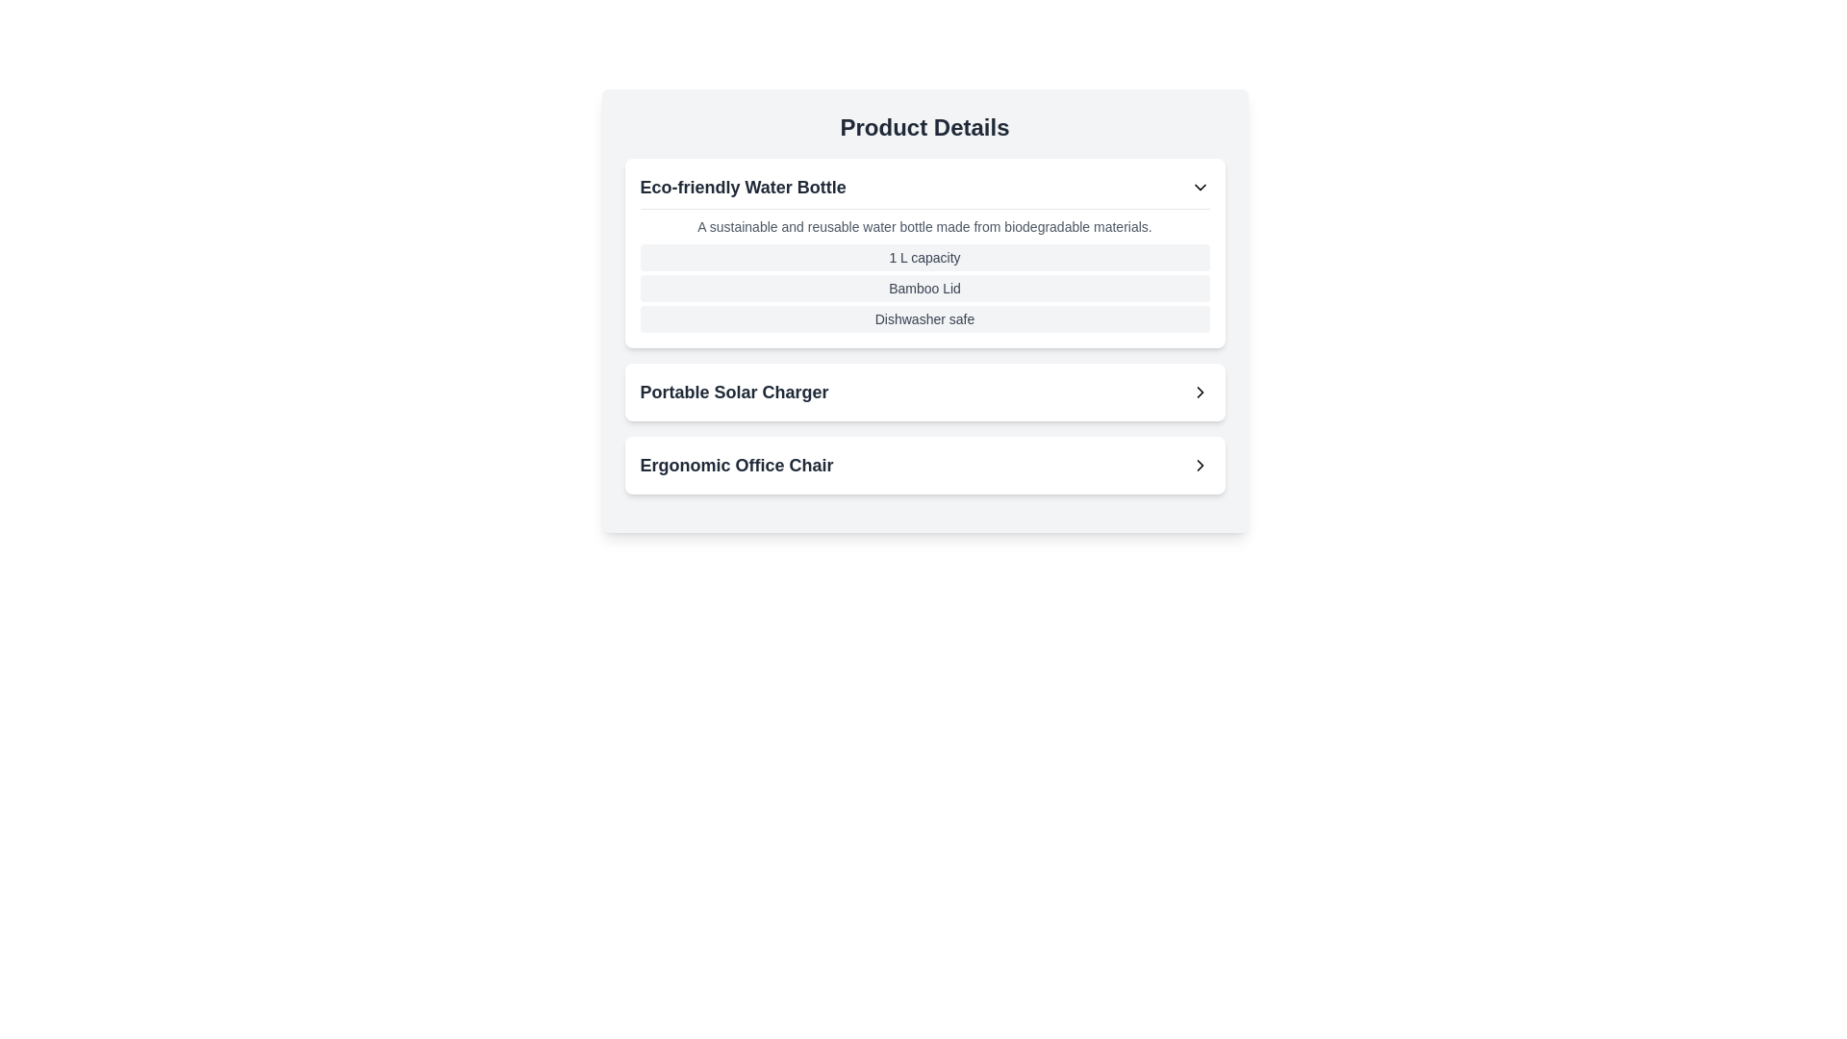 Image resolution: width=1847 pixels, height=1039 pixels. I want to click on the text label displaying 'Ergonomic Office Chair' in bold font, located in the third row of the 'Product Details' section, so click(736, 465).